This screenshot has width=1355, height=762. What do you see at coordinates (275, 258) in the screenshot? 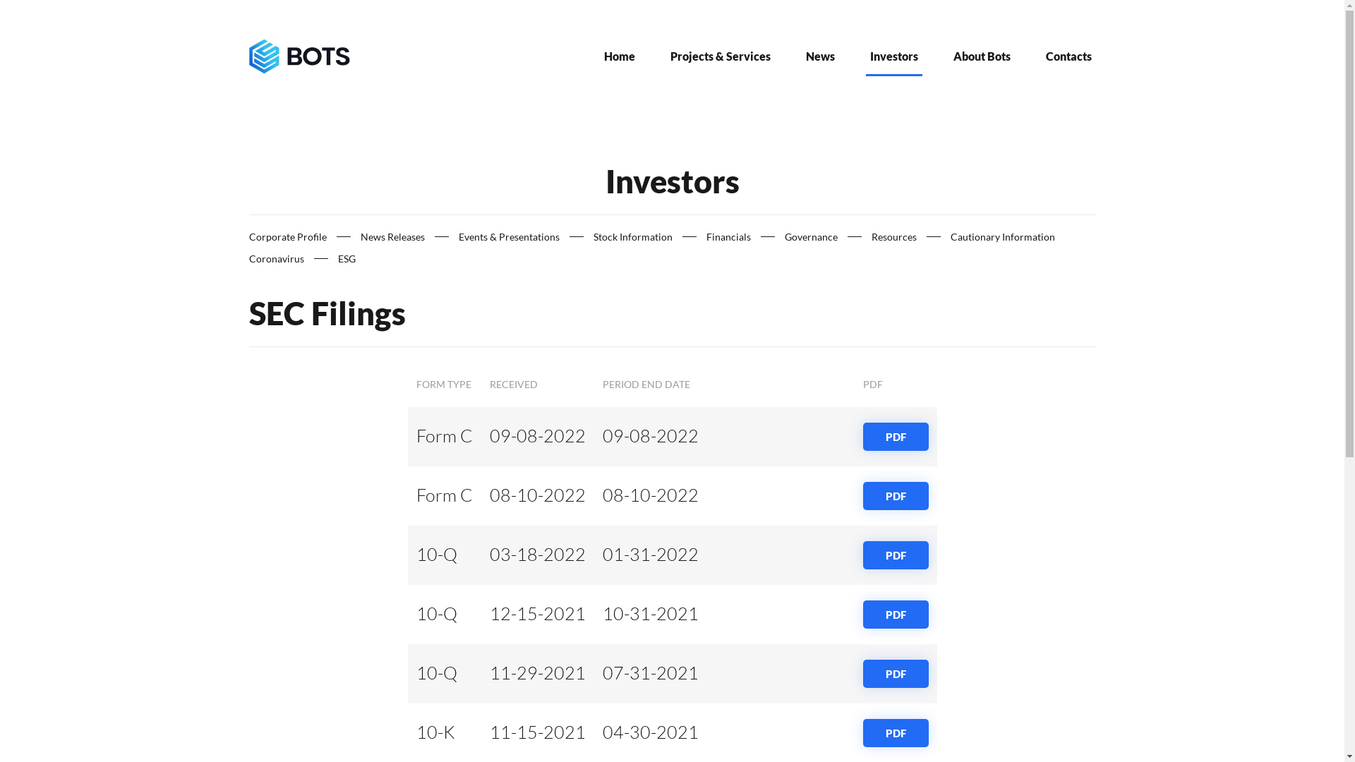
I see `'Coronavirus'` at bounding box center [275, 258].